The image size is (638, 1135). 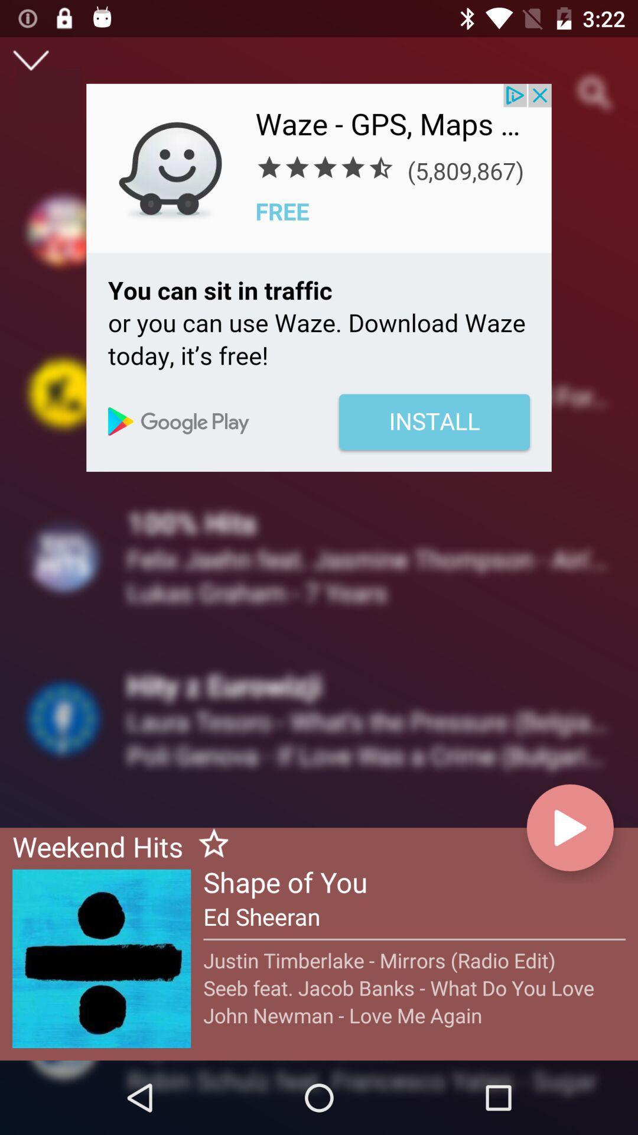 I want to click on down arrow, so click(x=30, y=60).